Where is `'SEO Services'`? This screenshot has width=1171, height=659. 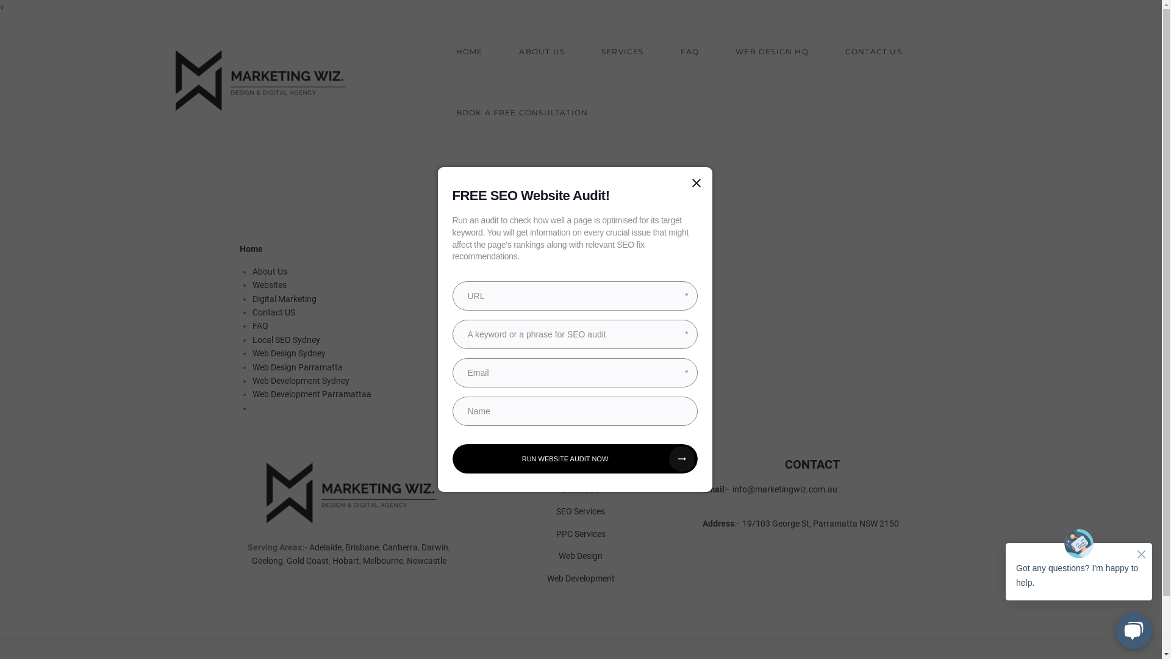 'SEO Services' is located at coordinates (556, 511).